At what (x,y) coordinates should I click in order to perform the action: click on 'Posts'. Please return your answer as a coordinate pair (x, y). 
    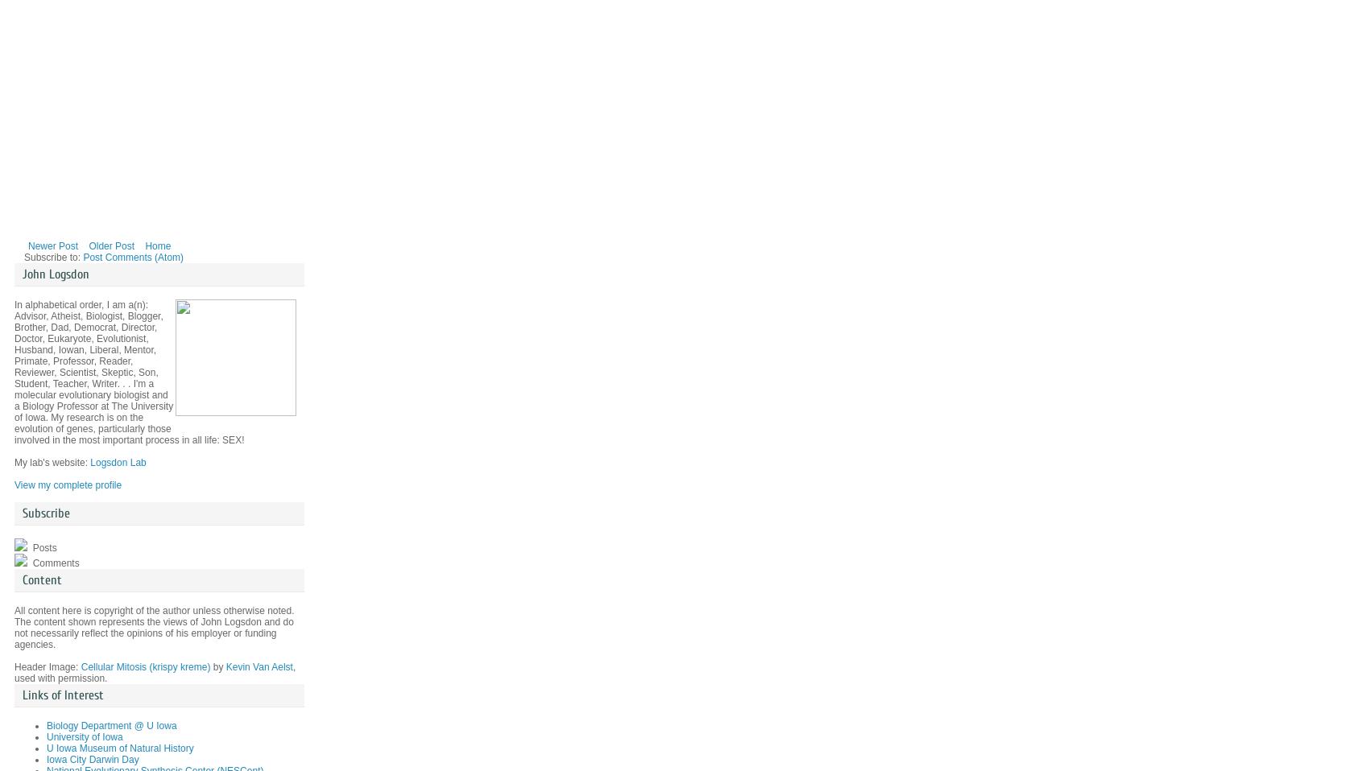
    Looking at the image, I should click on (43, 547).